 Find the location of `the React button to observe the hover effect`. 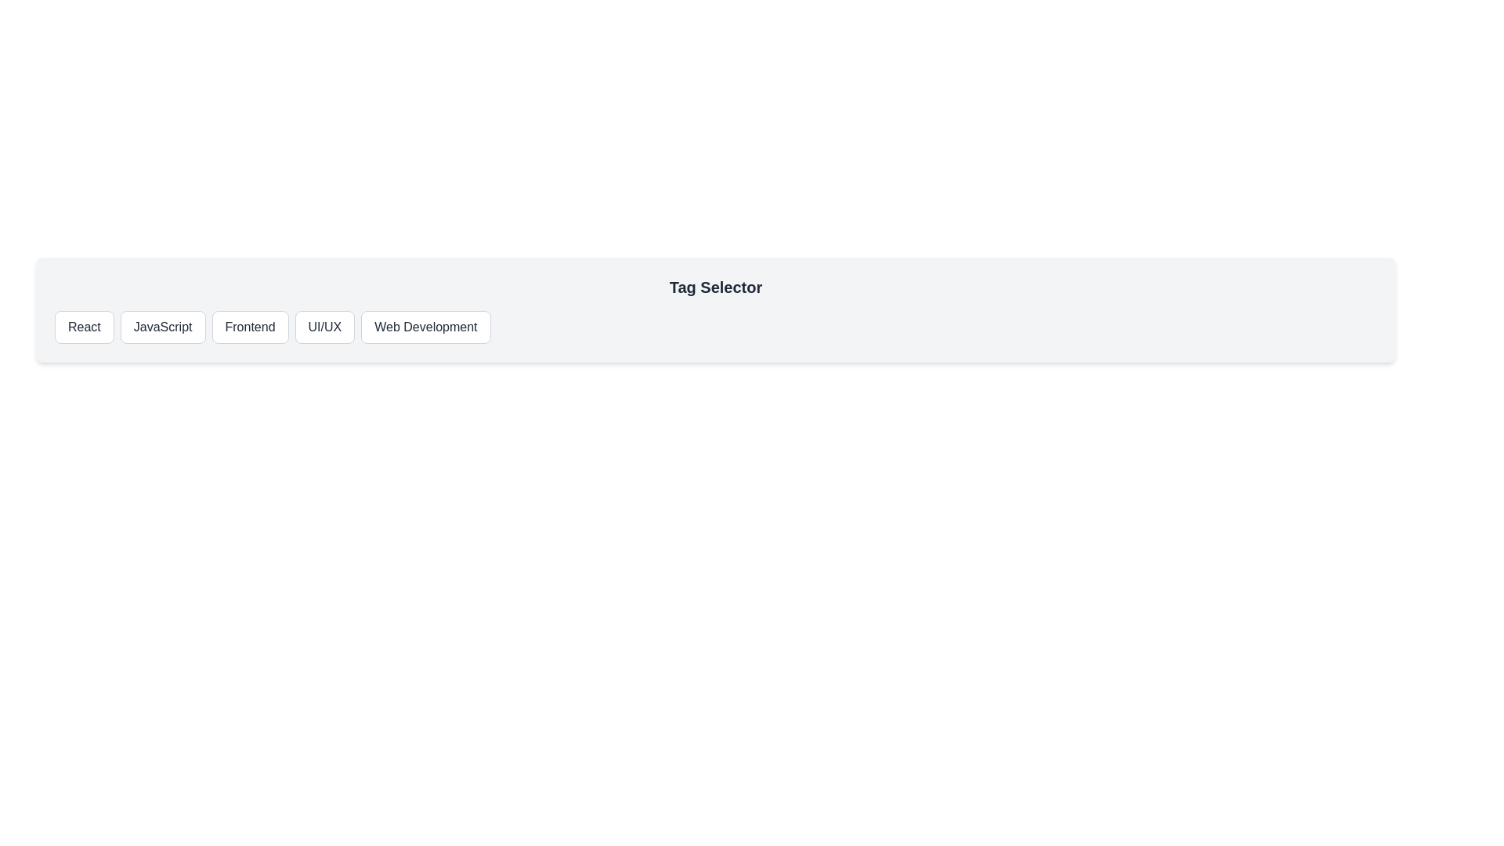

the React button to observe the hover effect is located at coordinates (83, 326).